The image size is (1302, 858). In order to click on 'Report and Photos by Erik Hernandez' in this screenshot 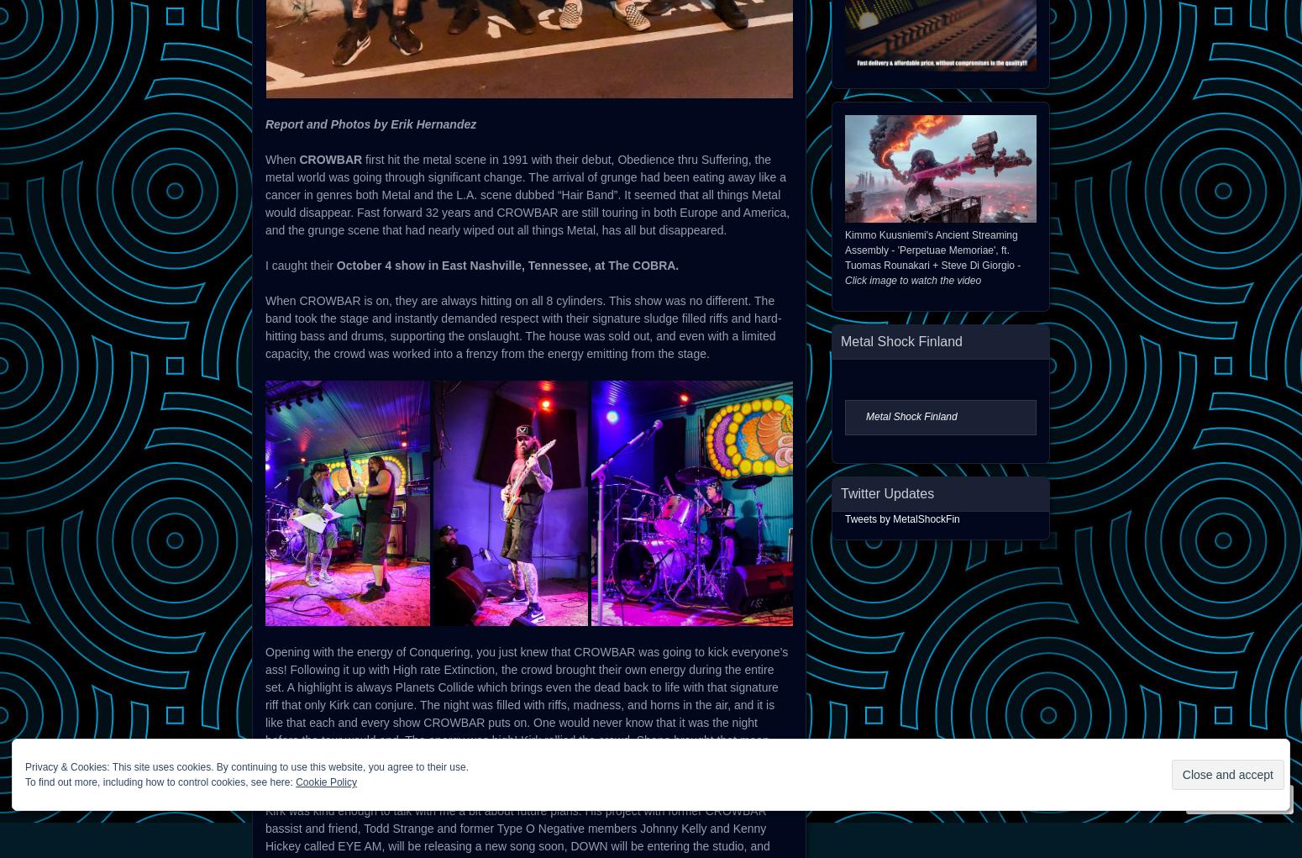, I will do `click(370, 124)`.